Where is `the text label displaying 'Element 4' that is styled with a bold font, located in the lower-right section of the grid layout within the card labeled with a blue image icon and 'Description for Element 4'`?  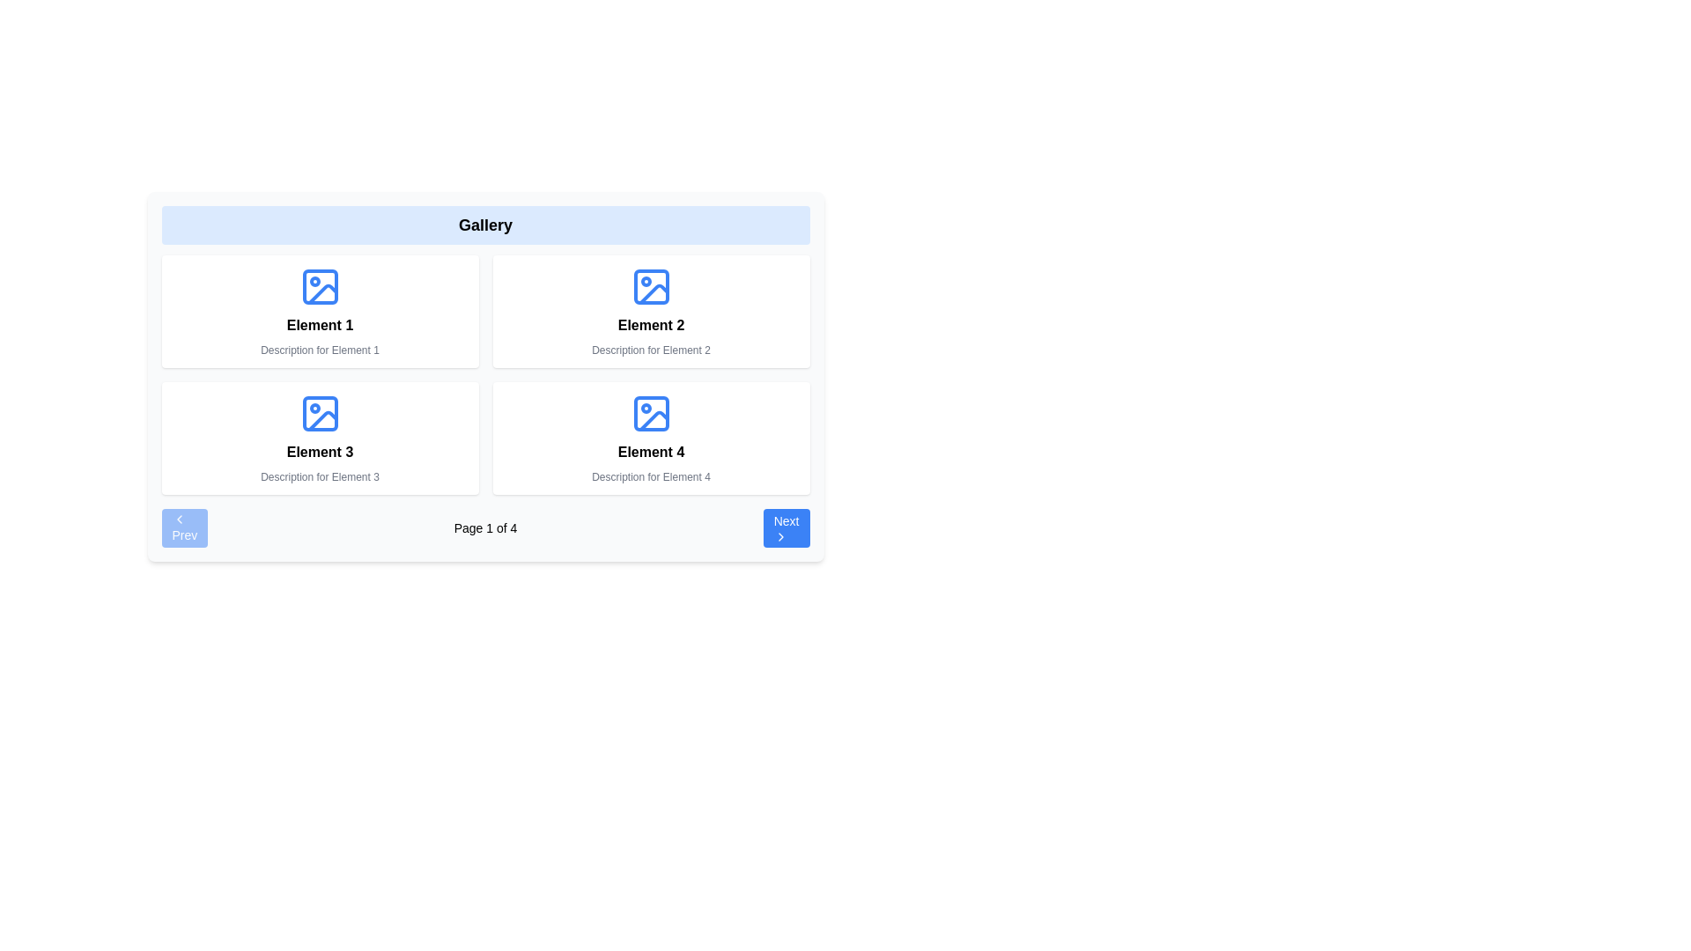 the text label displaying 'Element 4' that is styled with a bold font, located in the lower-right section of the grid layout within the card labeled with a blue image icon and 'Description for Element 4' is located at coordinates (650, 451).